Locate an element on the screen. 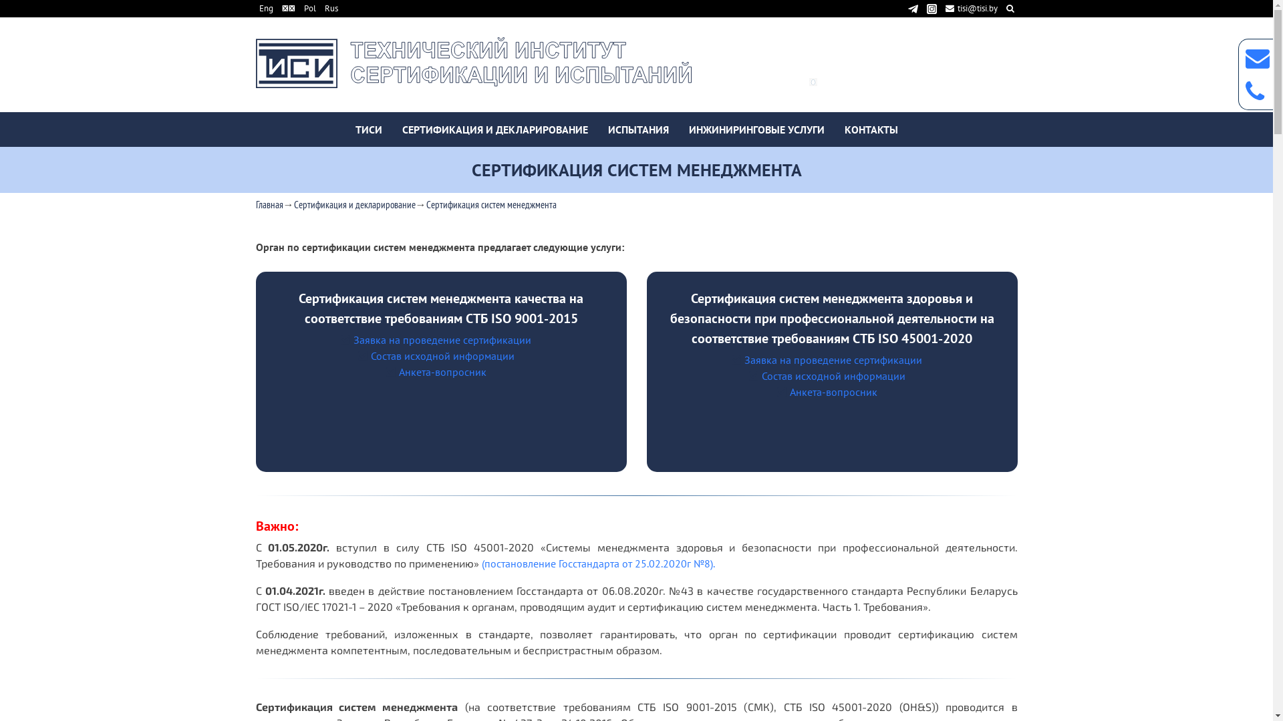 This screenshot has width=1283, height=721. '(+375 29) 623-38-98' is located at coordinates (868, 64).